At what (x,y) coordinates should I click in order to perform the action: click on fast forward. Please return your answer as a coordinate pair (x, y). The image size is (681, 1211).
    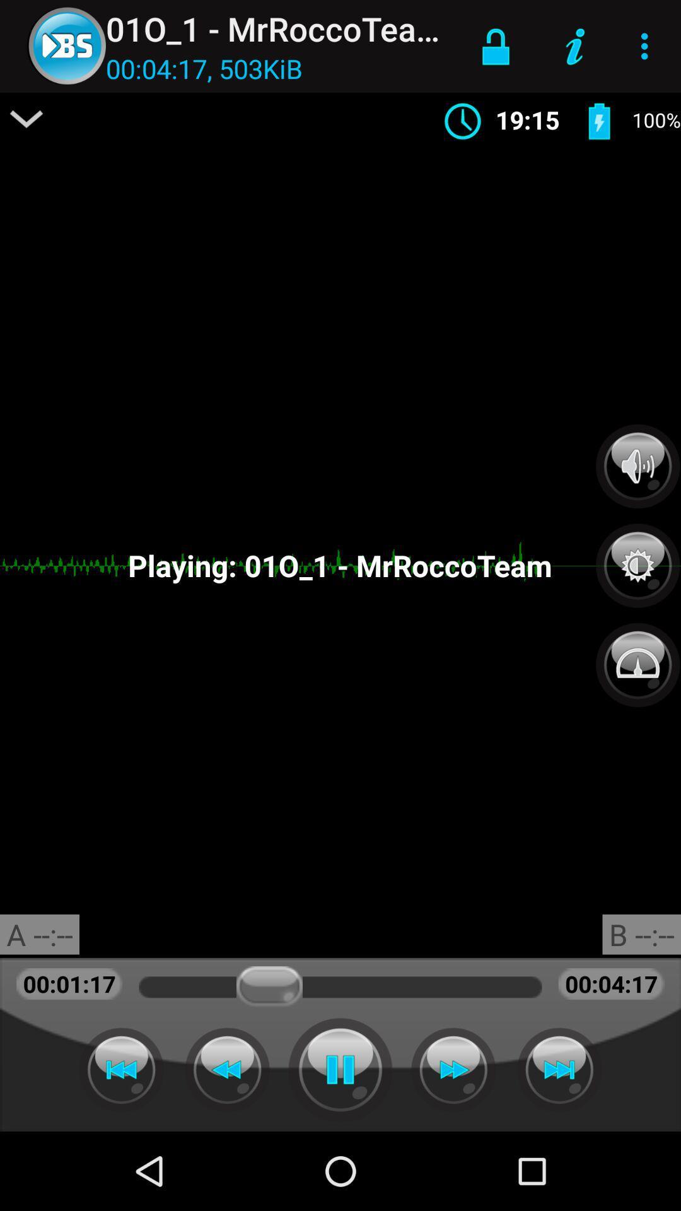
    Looking at the image, I should click on (559, 1069).